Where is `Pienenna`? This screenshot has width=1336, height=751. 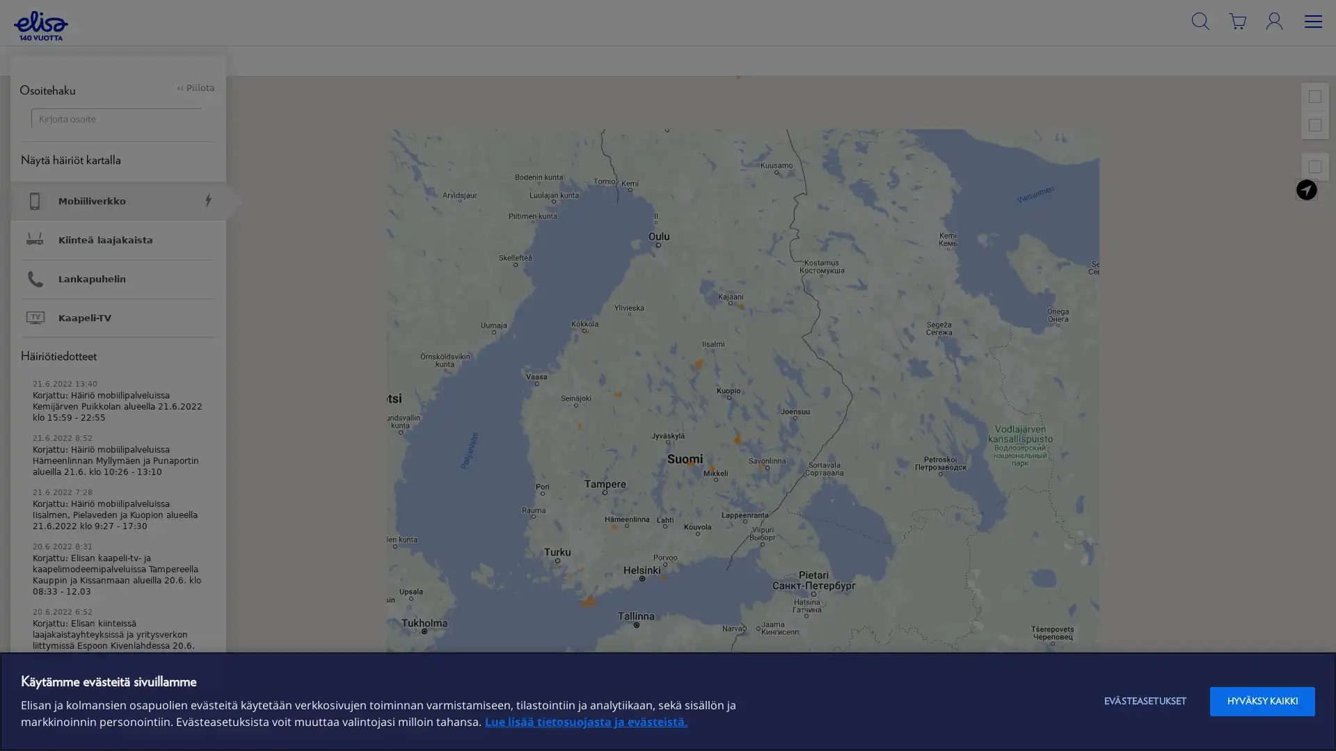
Pienenna is located at coordinates (1314, 125).